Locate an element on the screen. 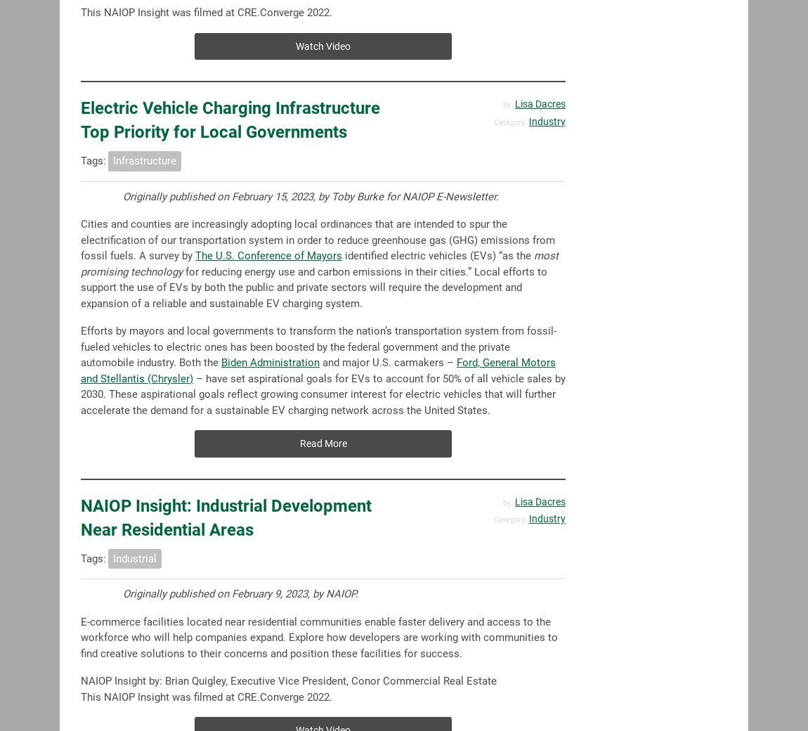 The height and width of the screenshot is (731, 808). 'identified electric vehicles (EVs) “as the' is located at coordinates (437, 255).